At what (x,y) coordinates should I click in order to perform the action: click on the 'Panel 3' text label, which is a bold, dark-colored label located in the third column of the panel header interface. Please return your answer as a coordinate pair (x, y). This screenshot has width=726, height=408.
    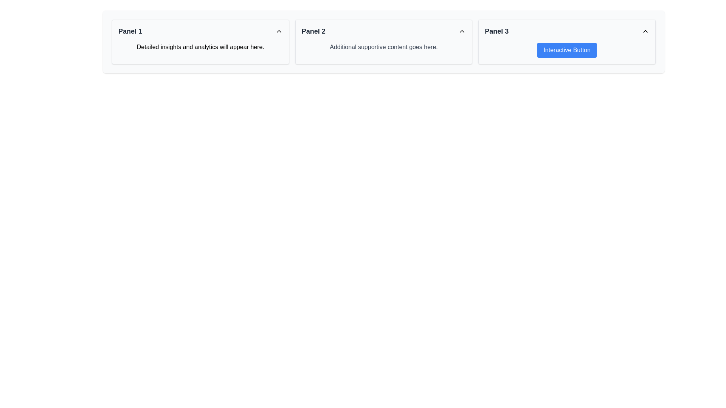
    Looking at the image, I should click on (496, 31).